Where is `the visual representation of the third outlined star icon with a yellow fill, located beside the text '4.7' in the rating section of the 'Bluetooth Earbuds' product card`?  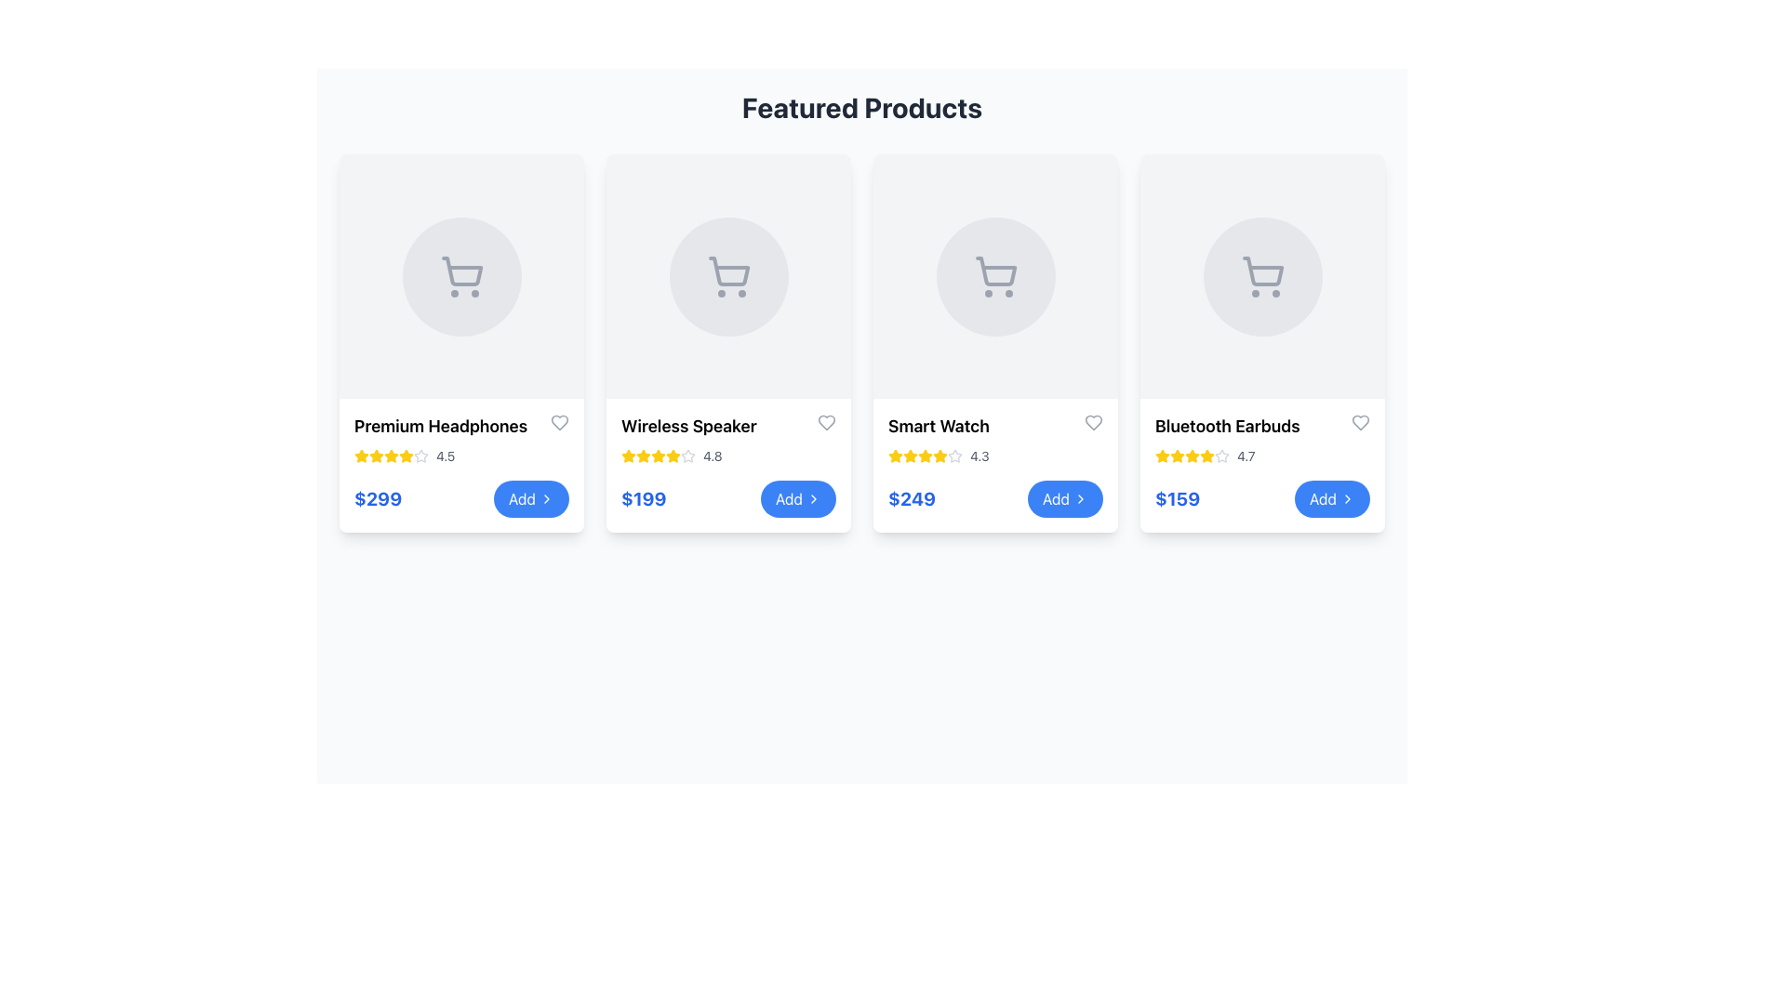
the visual representation of the third outlined star icon with a yellow fill, located beside the text '4.7' in the rating section of the 'Bluetooth Earbuds' product card is located at coordinates (1177, 456).